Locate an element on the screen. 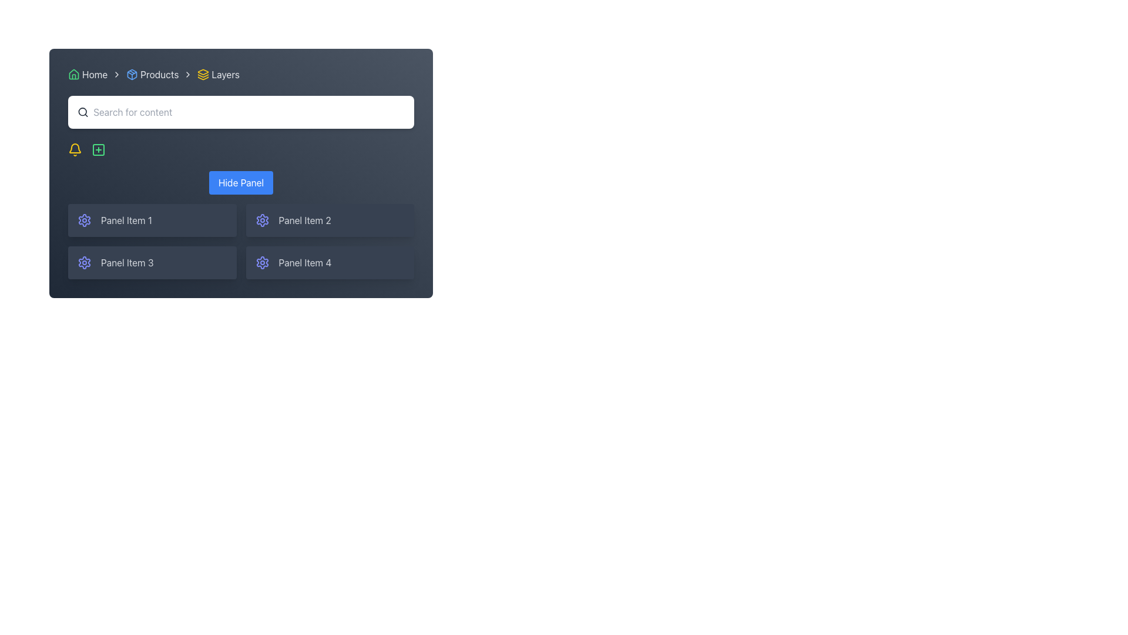 The height and width of the screenshot is (635, 1128). the right-pointing chevron icon enclosed in a circle, located in the breadcrumb navigation bar between 'Home' and 'Products' is located at coordinates (117, 75).